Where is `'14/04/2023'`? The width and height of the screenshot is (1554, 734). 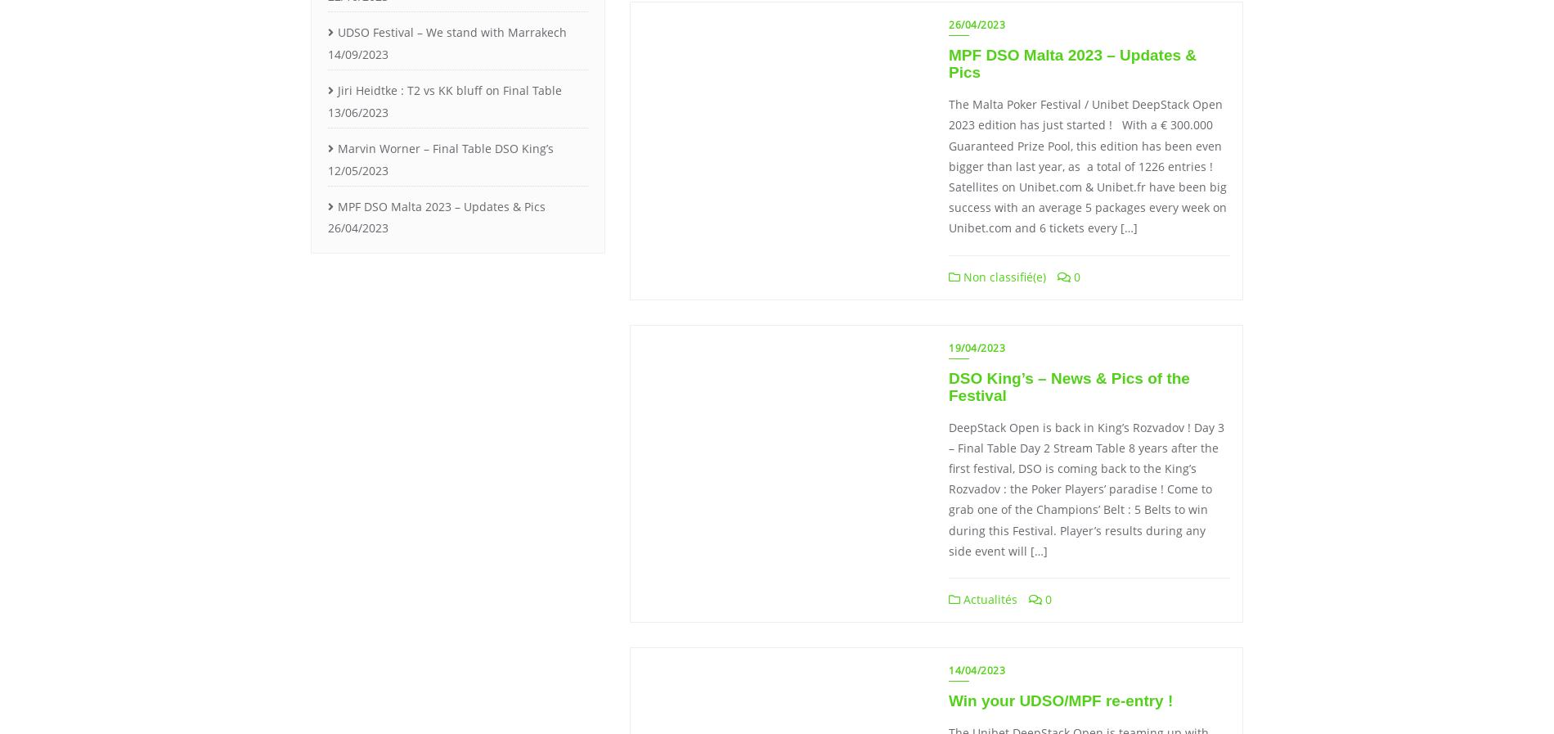 '14/04/2023' is located at coordinates (976, 670).